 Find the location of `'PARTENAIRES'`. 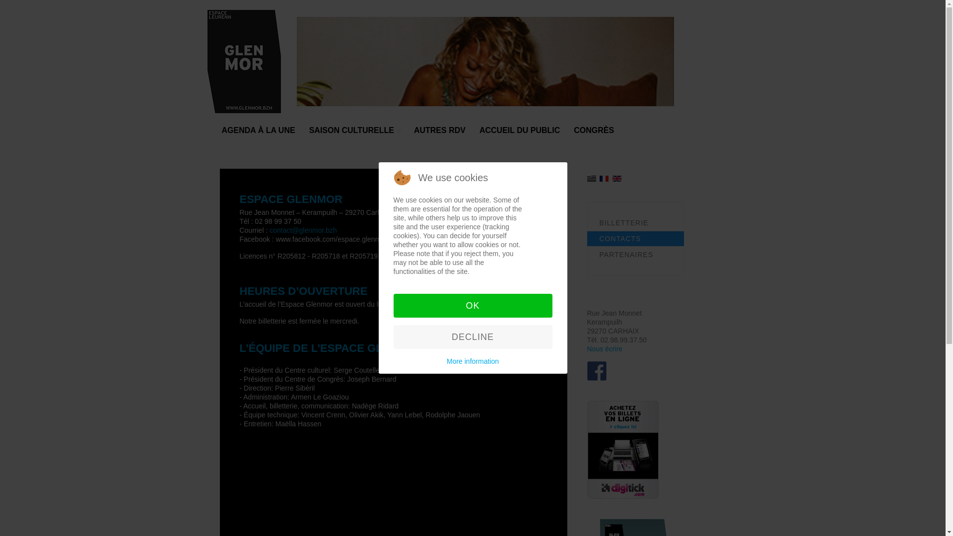

'PARTENAIRES' is located at coordinates (634, 254).